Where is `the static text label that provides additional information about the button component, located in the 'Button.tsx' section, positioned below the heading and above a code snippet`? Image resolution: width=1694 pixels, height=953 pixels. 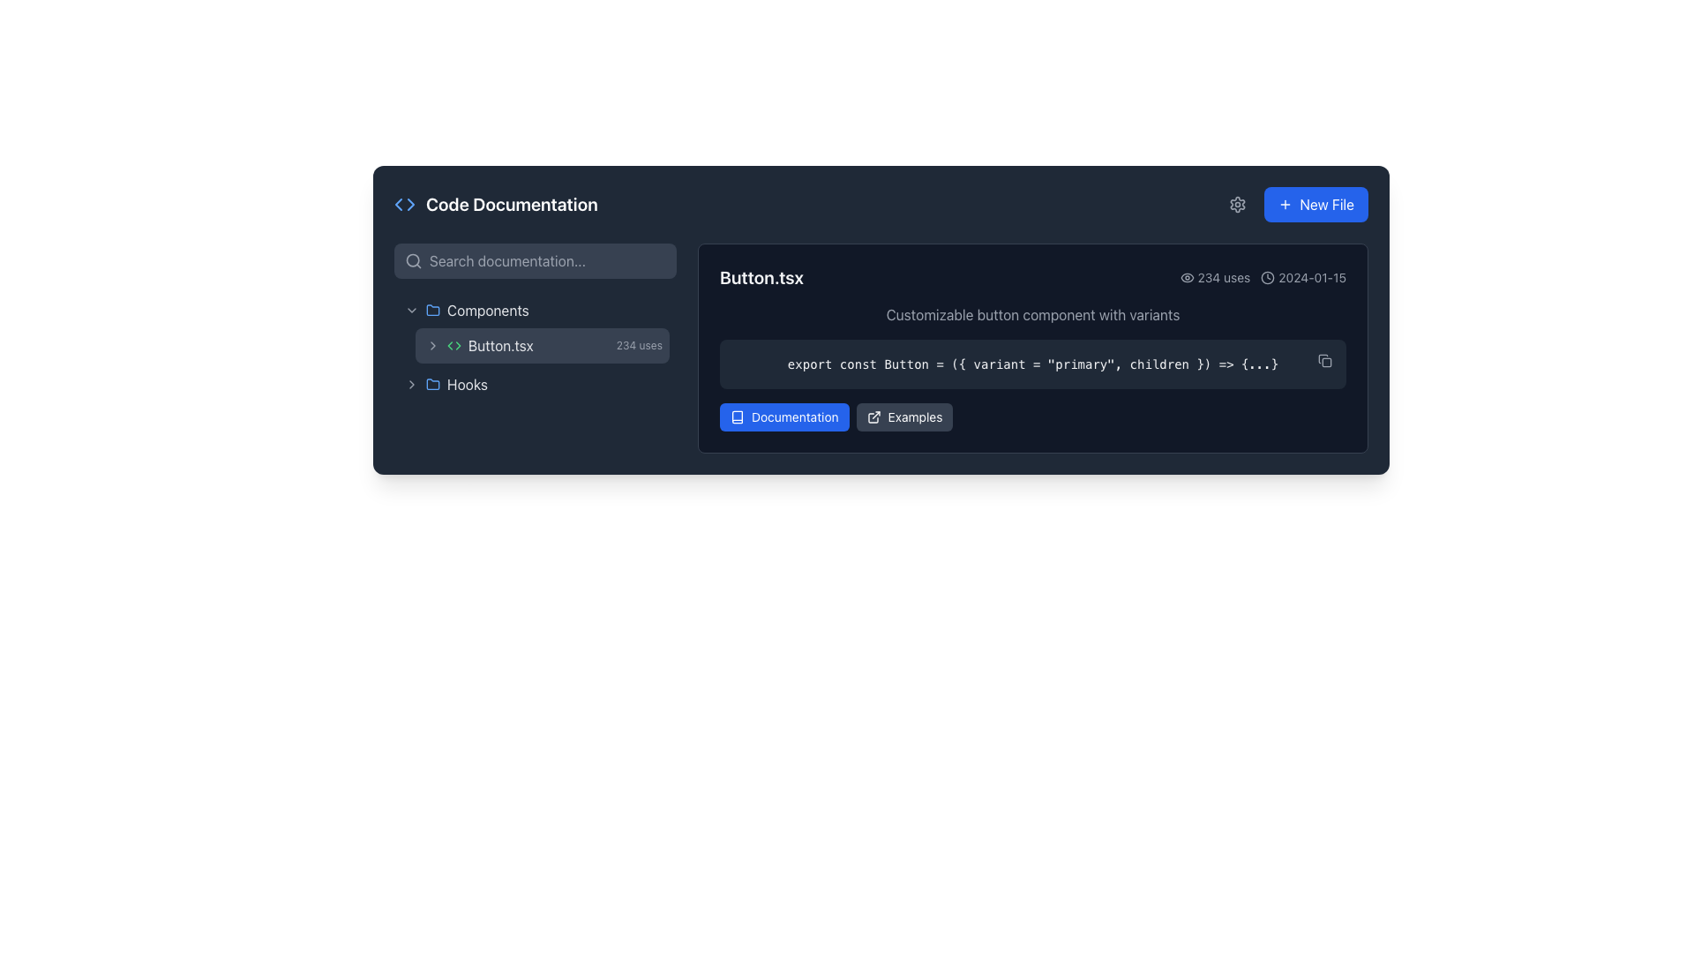 the static text label that provides additional information about the button component, located in the 'Button.tsx' section, positioned below the heading and above a code snippet is located at coordinates (1033, 314).